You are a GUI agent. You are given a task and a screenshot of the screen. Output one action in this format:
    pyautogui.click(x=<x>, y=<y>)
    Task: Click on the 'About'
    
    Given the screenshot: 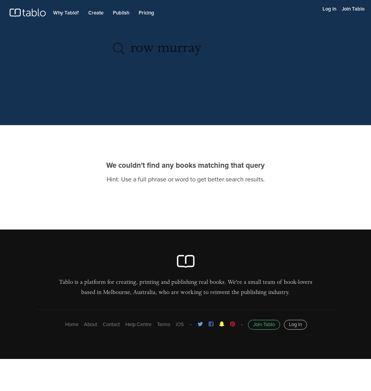 What is the action you would take?
    pyautogui.click(x=90, y=324)
    